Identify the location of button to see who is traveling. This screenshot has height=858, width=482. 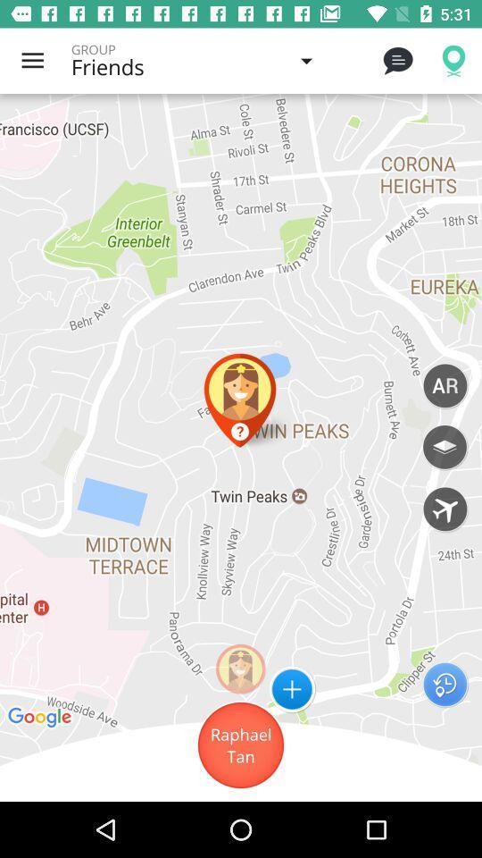
(444, 509).